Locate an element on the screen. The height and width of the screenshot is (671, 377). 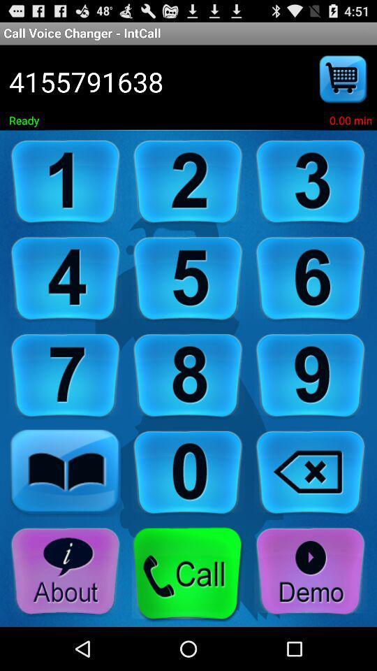
eight is located at coordinates (188, 375).